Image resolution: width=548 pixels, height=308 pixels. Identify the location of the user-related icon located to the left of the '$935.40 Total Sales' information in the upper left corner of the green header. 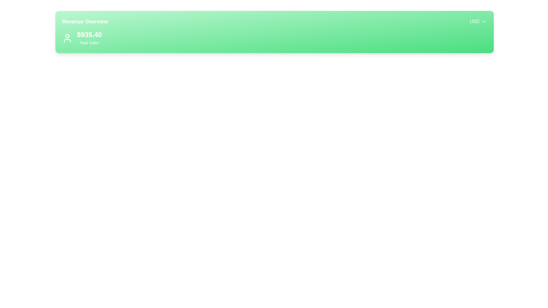
(67, 38).